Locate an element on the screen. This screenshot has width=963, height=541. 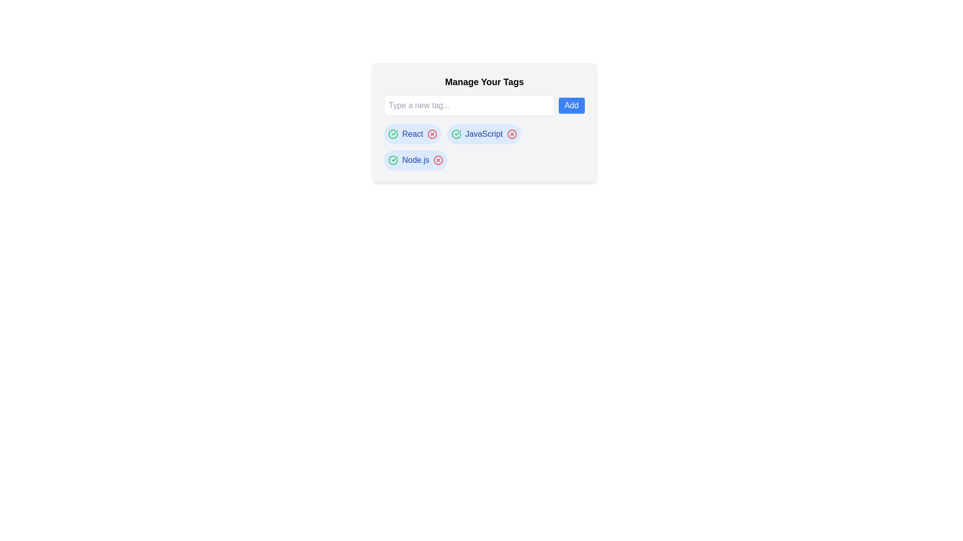
the input field to focus on it is located at coordinates (468, 106).